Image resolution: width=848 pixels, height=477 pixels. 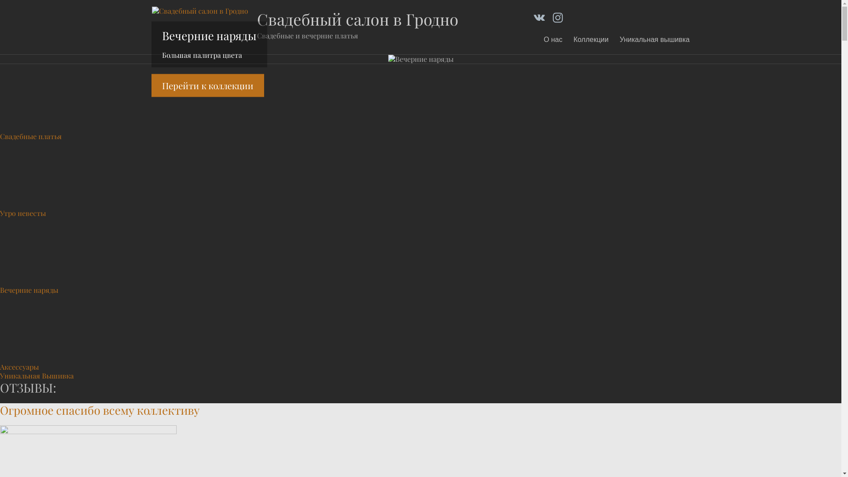 What do you see at coordinates (551, 17) in the screenshot?
I see `'Instagram'` at bounding box center [551, 17].